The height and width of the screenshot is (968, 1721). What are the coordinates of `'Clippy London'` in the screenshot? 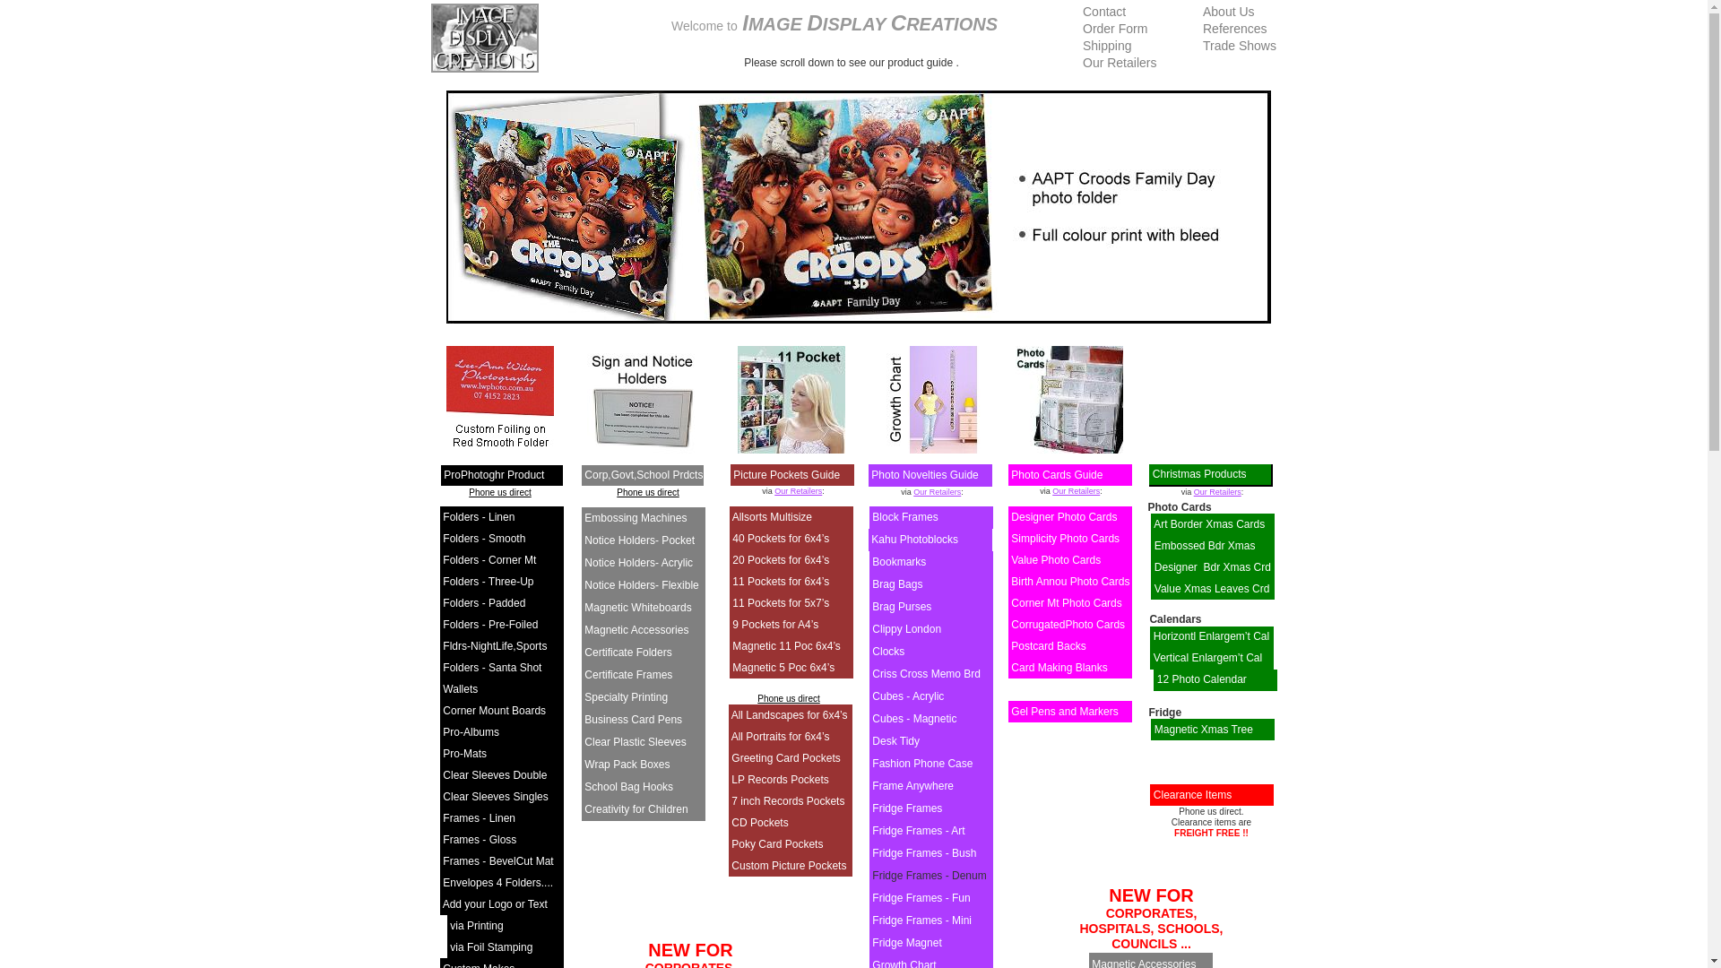 It's located at (906, 628).